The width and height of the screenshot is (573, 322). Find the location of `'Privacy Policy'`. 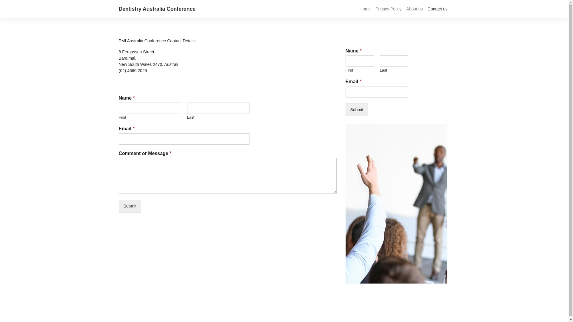

'Privacy Policy' is located at coordinates (388, 9).